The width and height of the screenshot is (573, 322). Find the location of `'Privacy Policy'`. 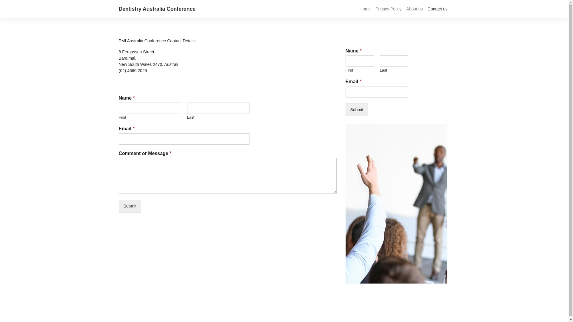

'Privacy Policy' is located at coordinates (388, 9).